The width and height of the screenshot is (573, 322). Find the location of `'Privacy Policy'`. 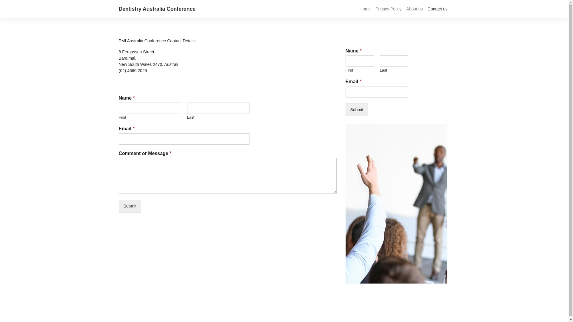

'Privacy Policy' is located at coordinates (388, 9).